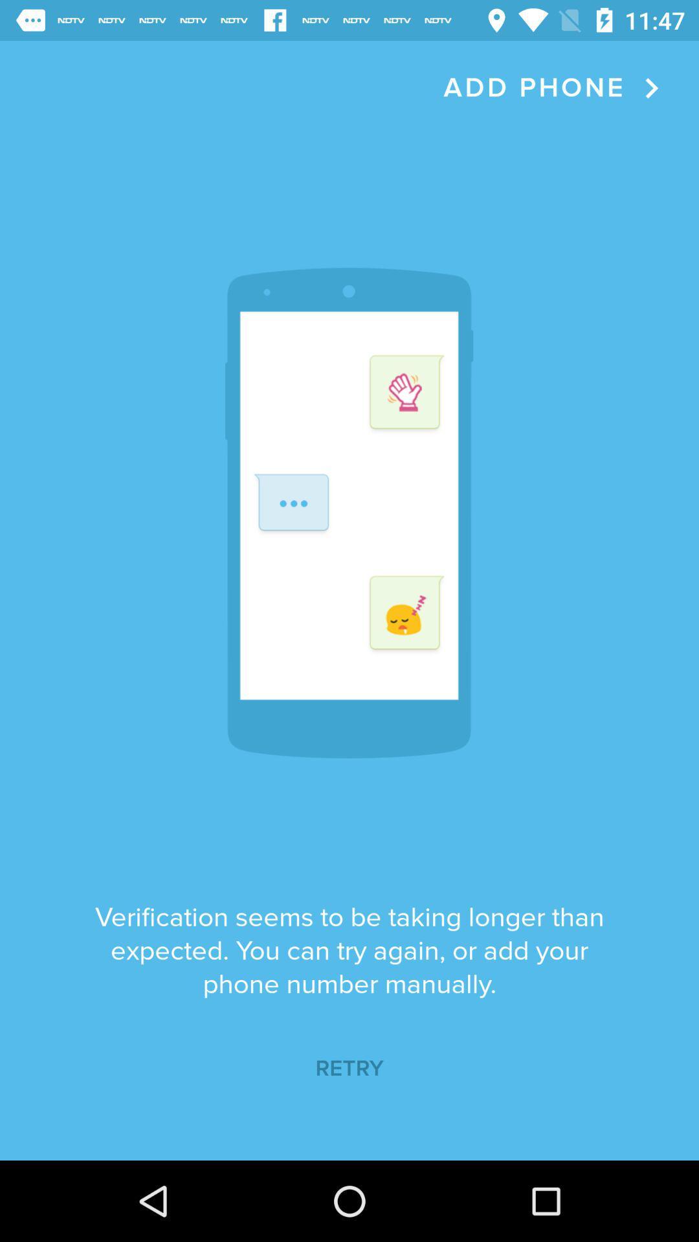 Image resolution: width=699 pixels, height=1242 pixels. What do you see at coordinates (349, 1069) in the screenshot?
I see `icon below the verification seems to item` at bounding box center [349, 1069].